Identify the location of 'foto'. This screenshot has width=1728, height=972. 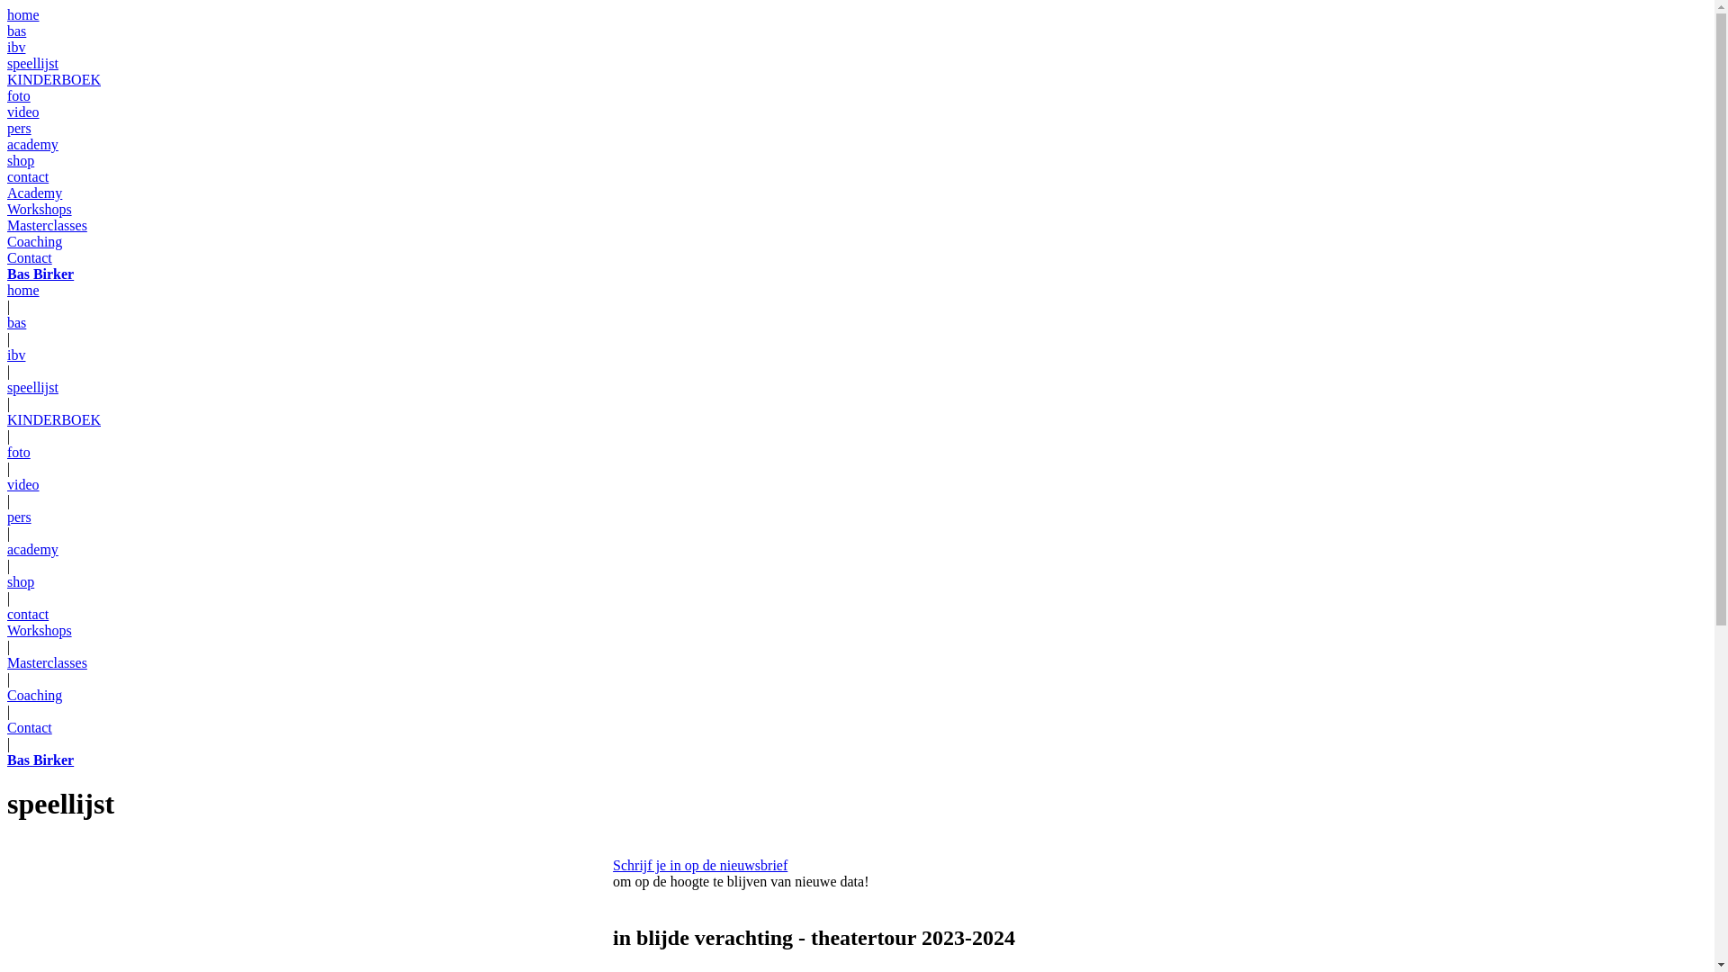
(18, 451).